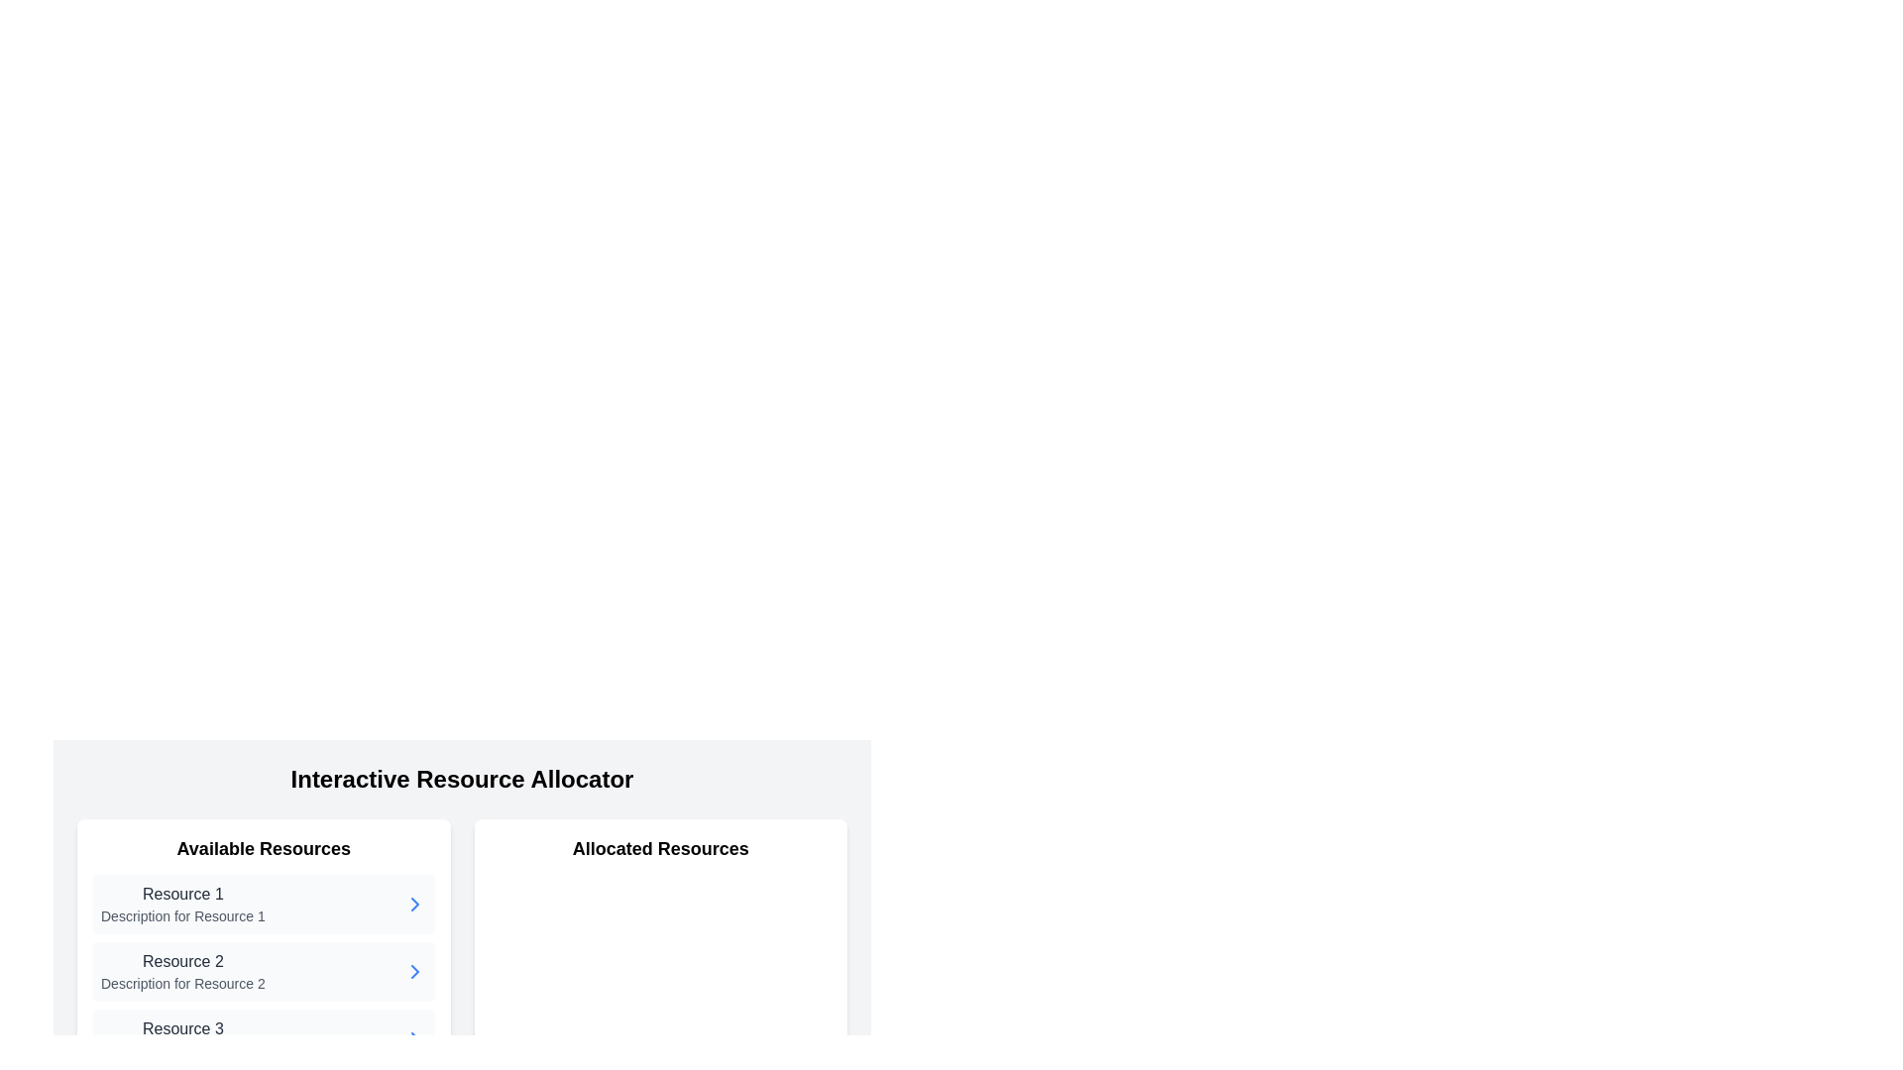 The image size is (1903, 1070). What do you see at coordinates (182, 916) in the screenshot?
I see `the text label displaying 'Description for Resource 1', which is styled in a smaller grayish font and located directly beneath the title 'Resource 1'` at bounding box center [182, 916].